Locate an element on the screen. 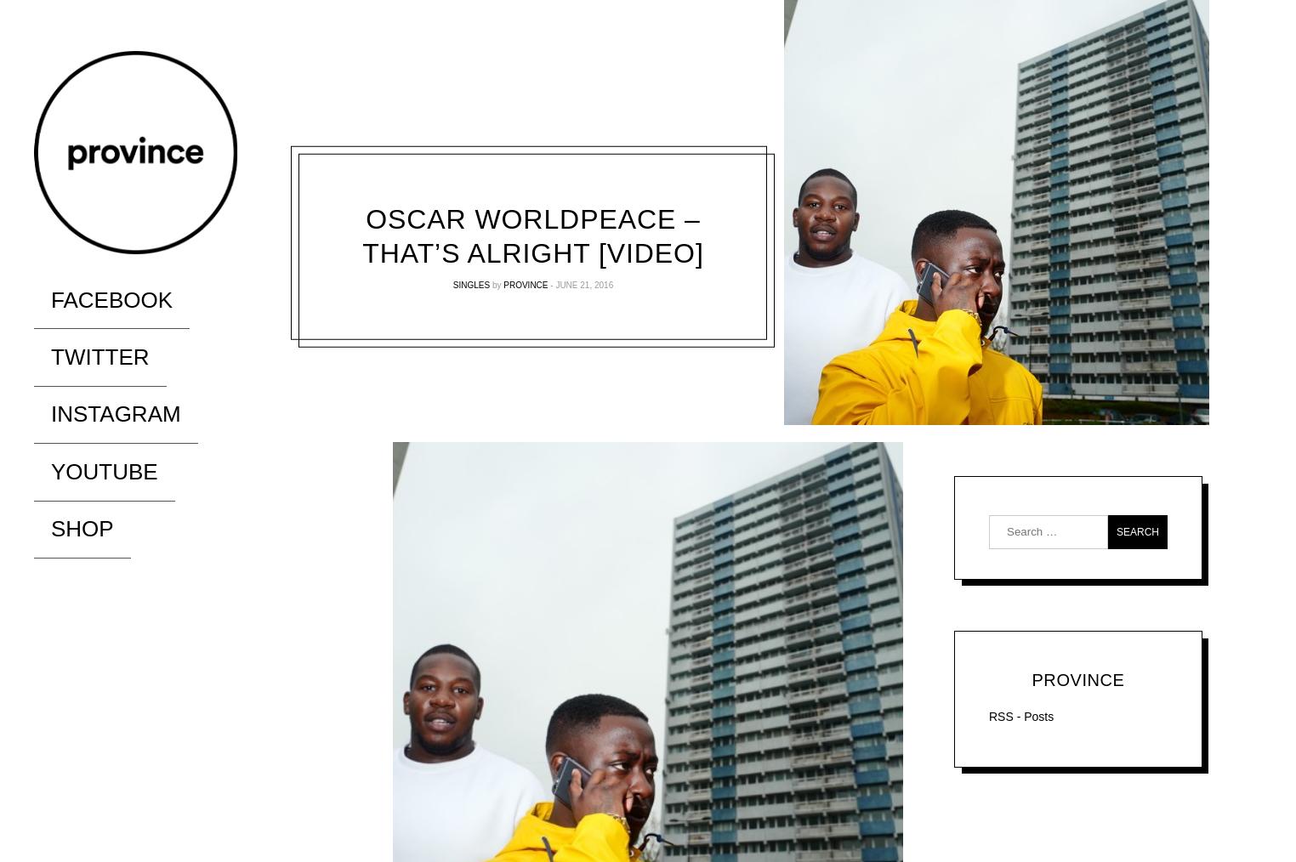  'by' is located at coordinates (497, 284).